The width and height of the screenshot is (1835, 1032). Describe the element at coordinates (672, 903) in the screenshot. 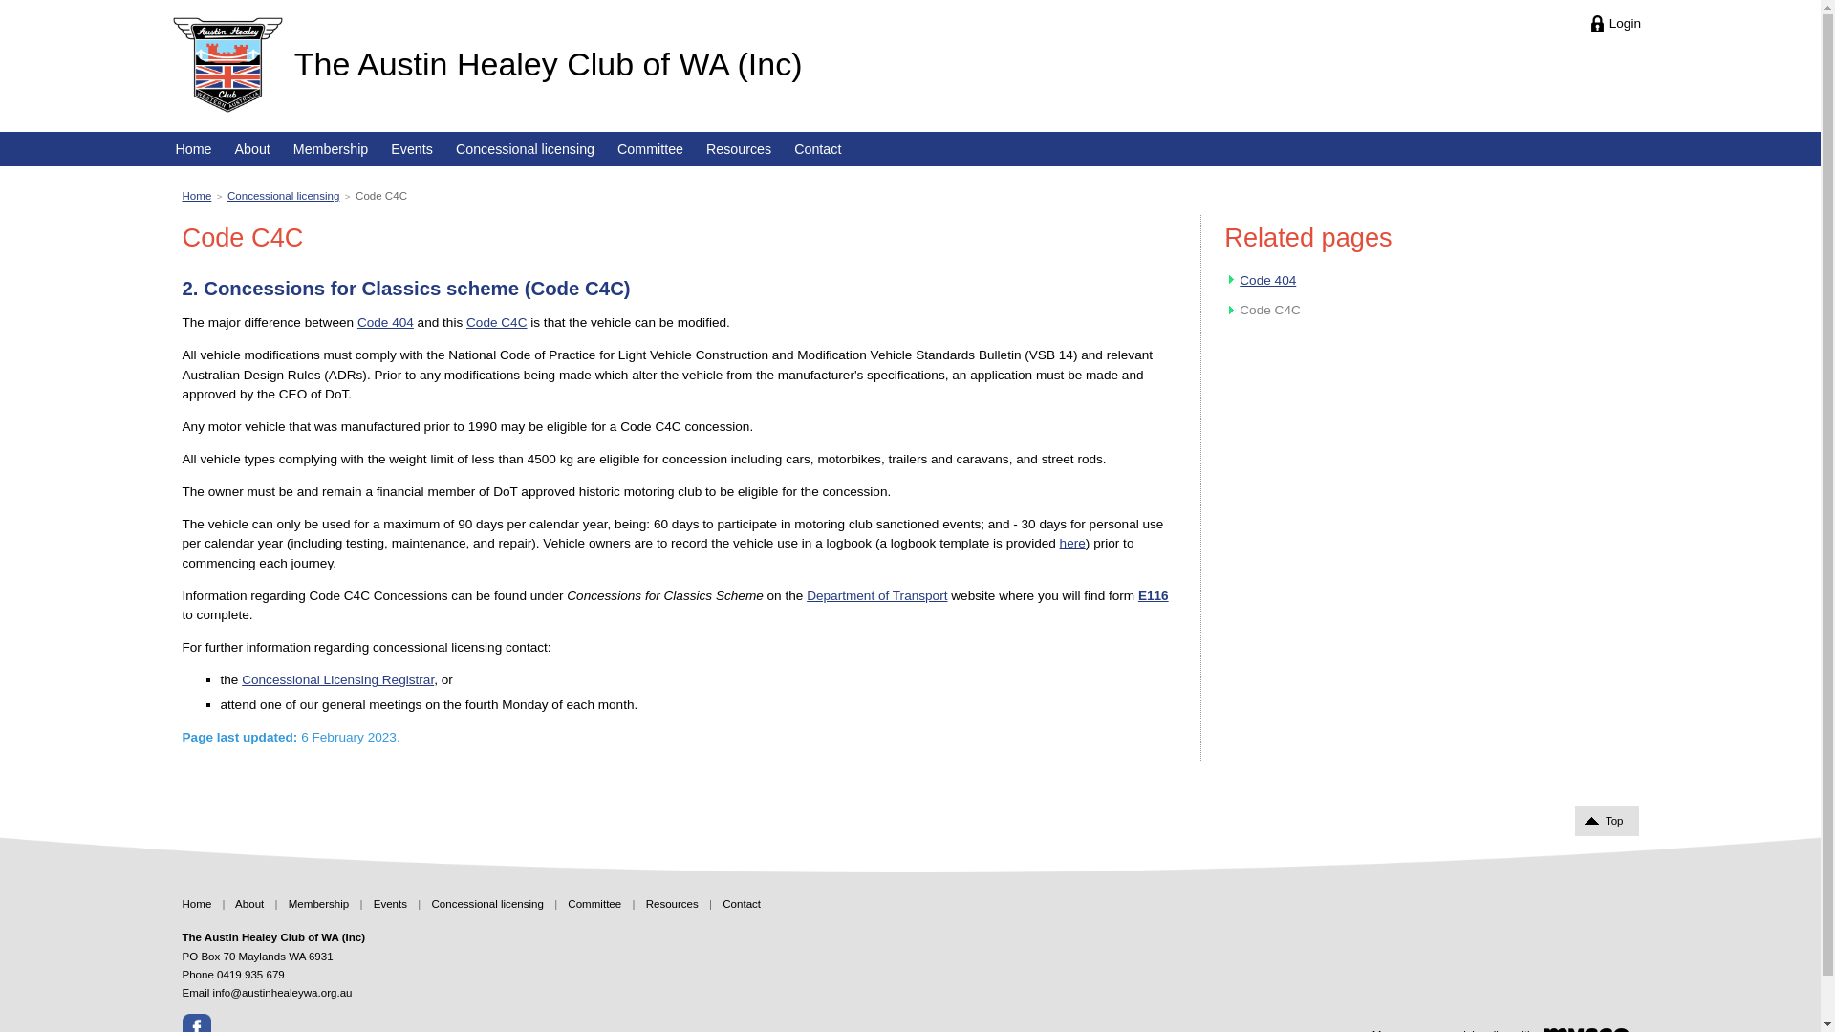

I see `'Resources'` at that location.